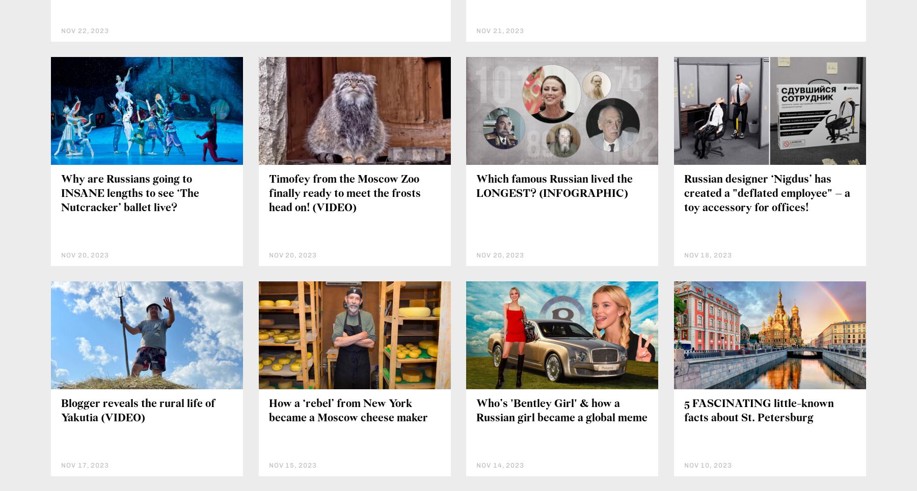  What do you see at coordinates (268, 464) in the screenshot?
I see `'Nov 15, 2023'` at bounding box center [268, 464].